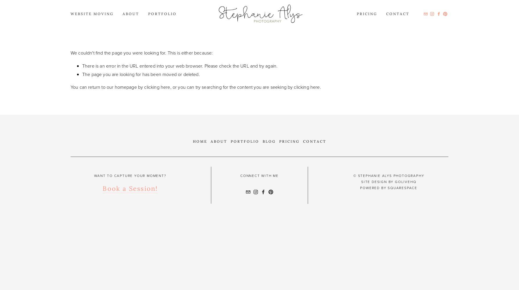  I want to click on 'There is an error in the URL entered into your web browser. Please check the URL and try again.', so click(180, 65).